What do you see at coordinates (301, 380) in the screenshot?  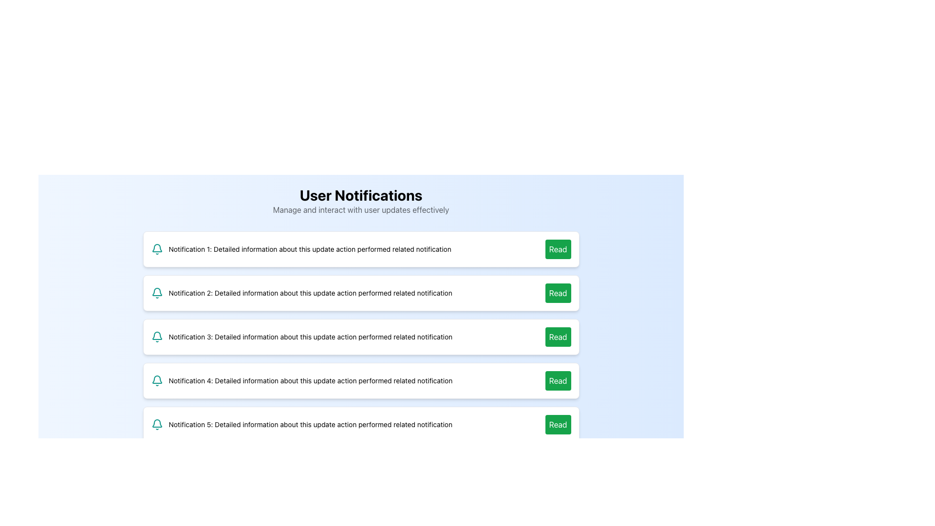 I see `the text element displaying detailed notification content for the fourth notification in the list, located between a bell icon and a 'Read' button` at bounding box center [301, 380].